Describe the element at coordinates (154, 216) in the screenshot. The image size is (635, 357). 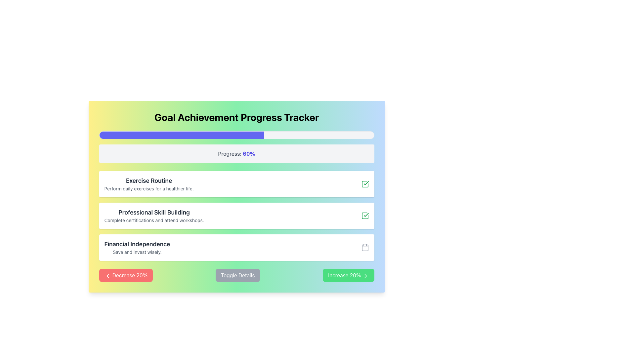
I see `the Text Label that presents a goal or task, positioned below the 'Exercise Routine' element and above the 'Financial Independence' element` at that location.